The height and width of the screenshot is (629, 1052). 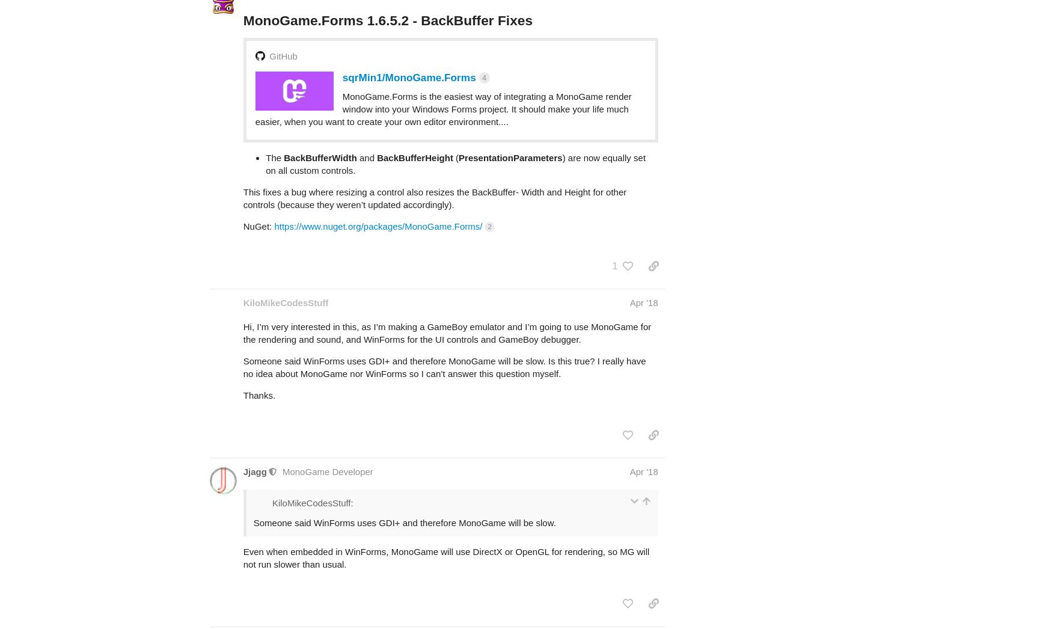 What do you see at coordinates (367, 110) in the screenshot?
I see `'and'` at bounding box center [367, 110].